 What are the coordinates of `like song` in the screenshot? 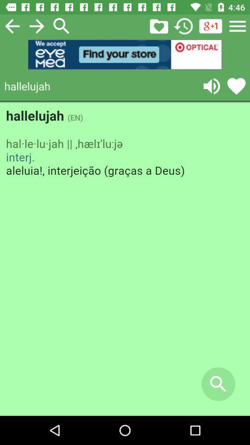 It's located at (236, 86).